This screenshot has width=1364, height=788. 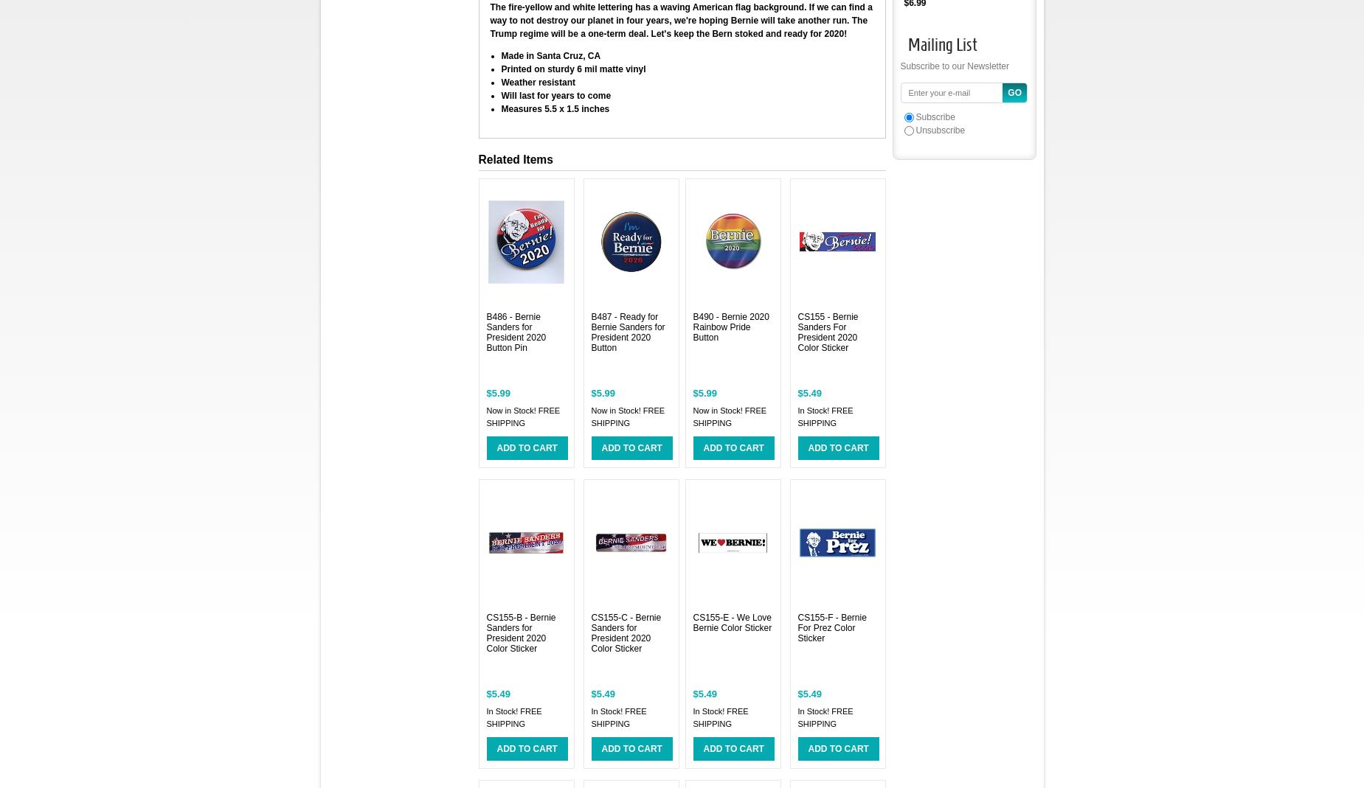 I want to click on 'Subscribe', so click(x=935, y=116).